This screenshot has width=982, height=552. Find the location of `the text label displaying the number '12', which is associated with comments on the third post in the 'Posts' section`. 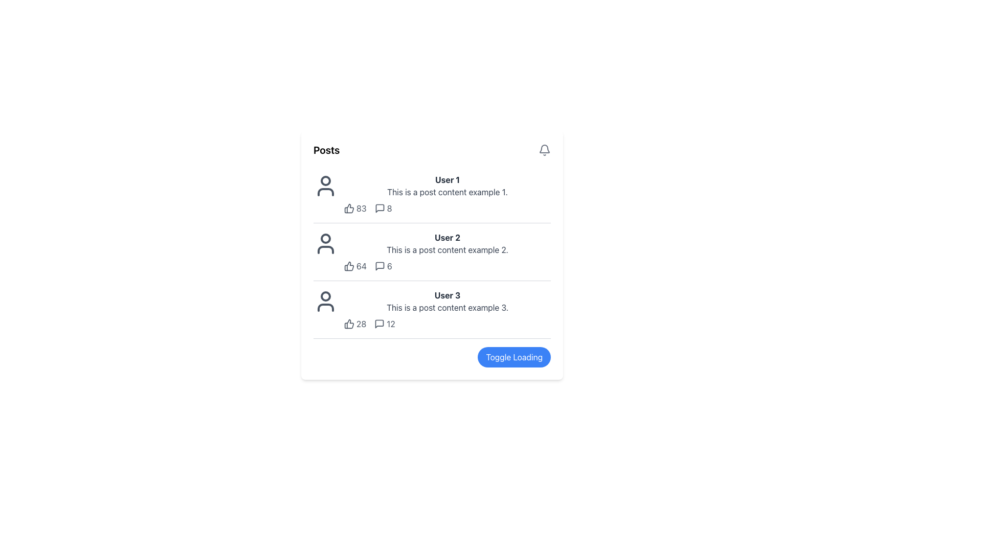

the text label displaying the number '12', which is associated with comments on the third post in the 'Posts' section is located at coordinates (390, 324).